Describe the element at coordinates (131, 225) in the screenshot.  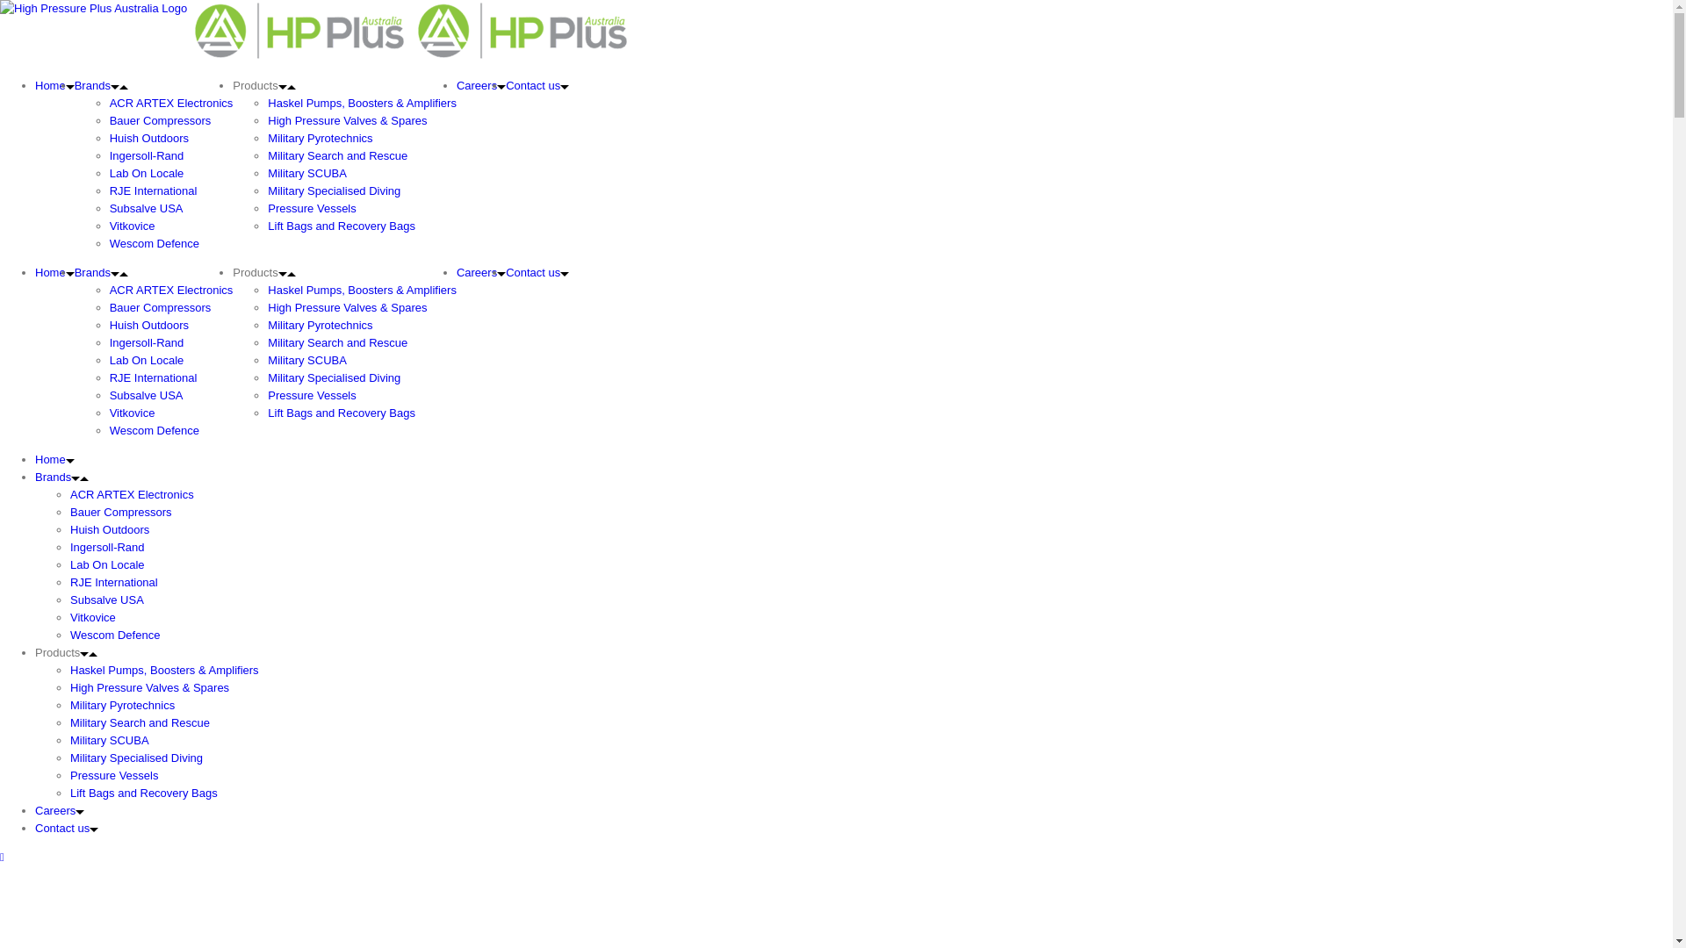
I see `'Vitkovice'` at that location.